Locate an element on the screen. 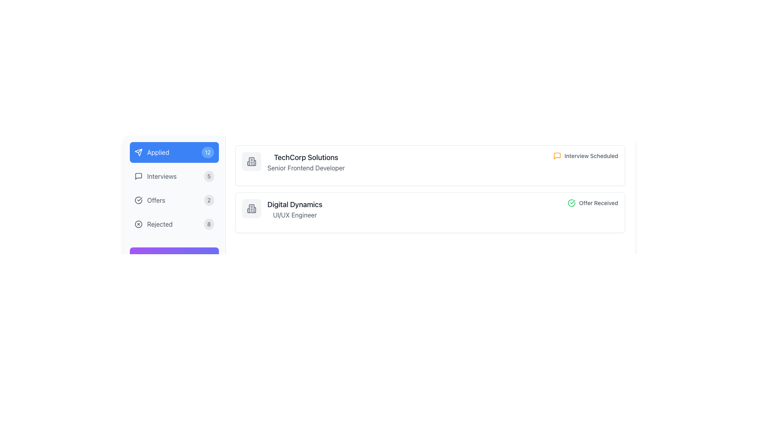 The width and height of the screenshot is (767, 431). the 'Interviews' icon in the navigation sidebar is located at coordinates (138, 176).